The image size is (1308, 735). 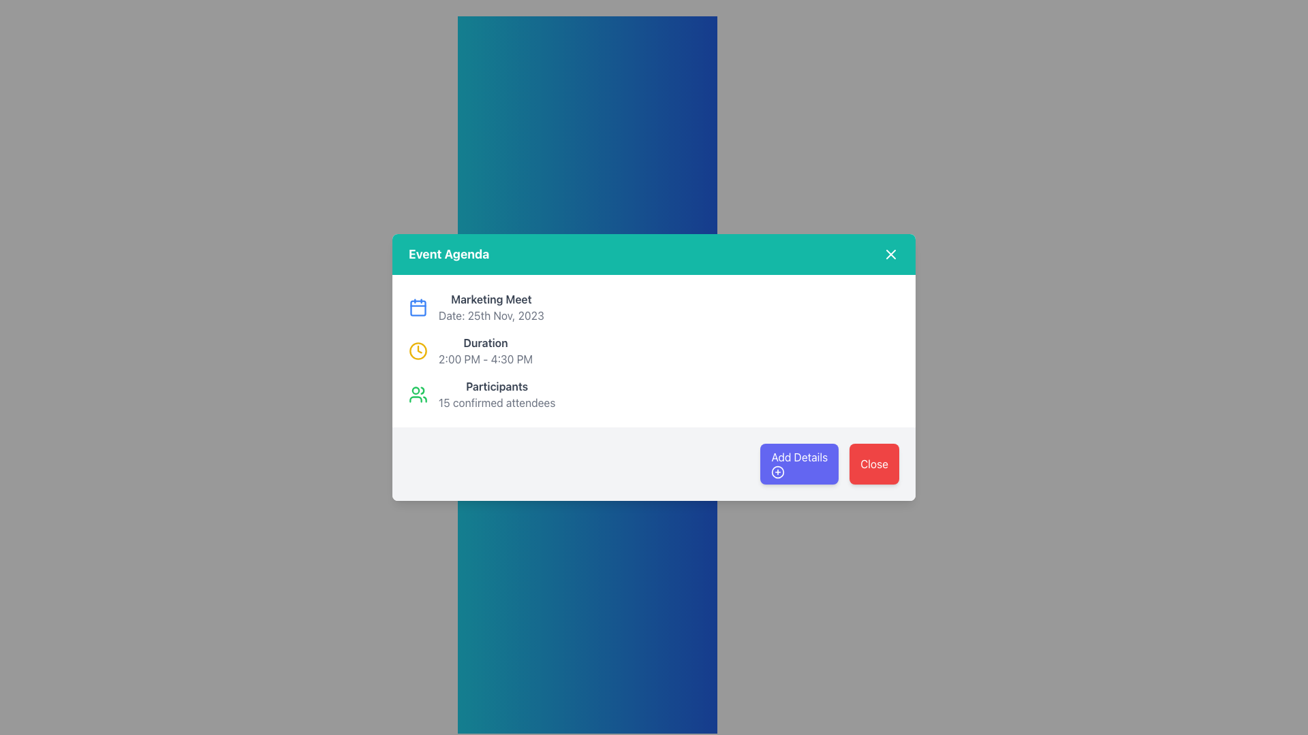 What do you see at coordinates (496, 402) in the screenshot?
I see `the static text element that provides a breakdown of the confirmed attendees for the event, located underneath the 'Participants' text in the modal interface` at bounding box center [496, 402].